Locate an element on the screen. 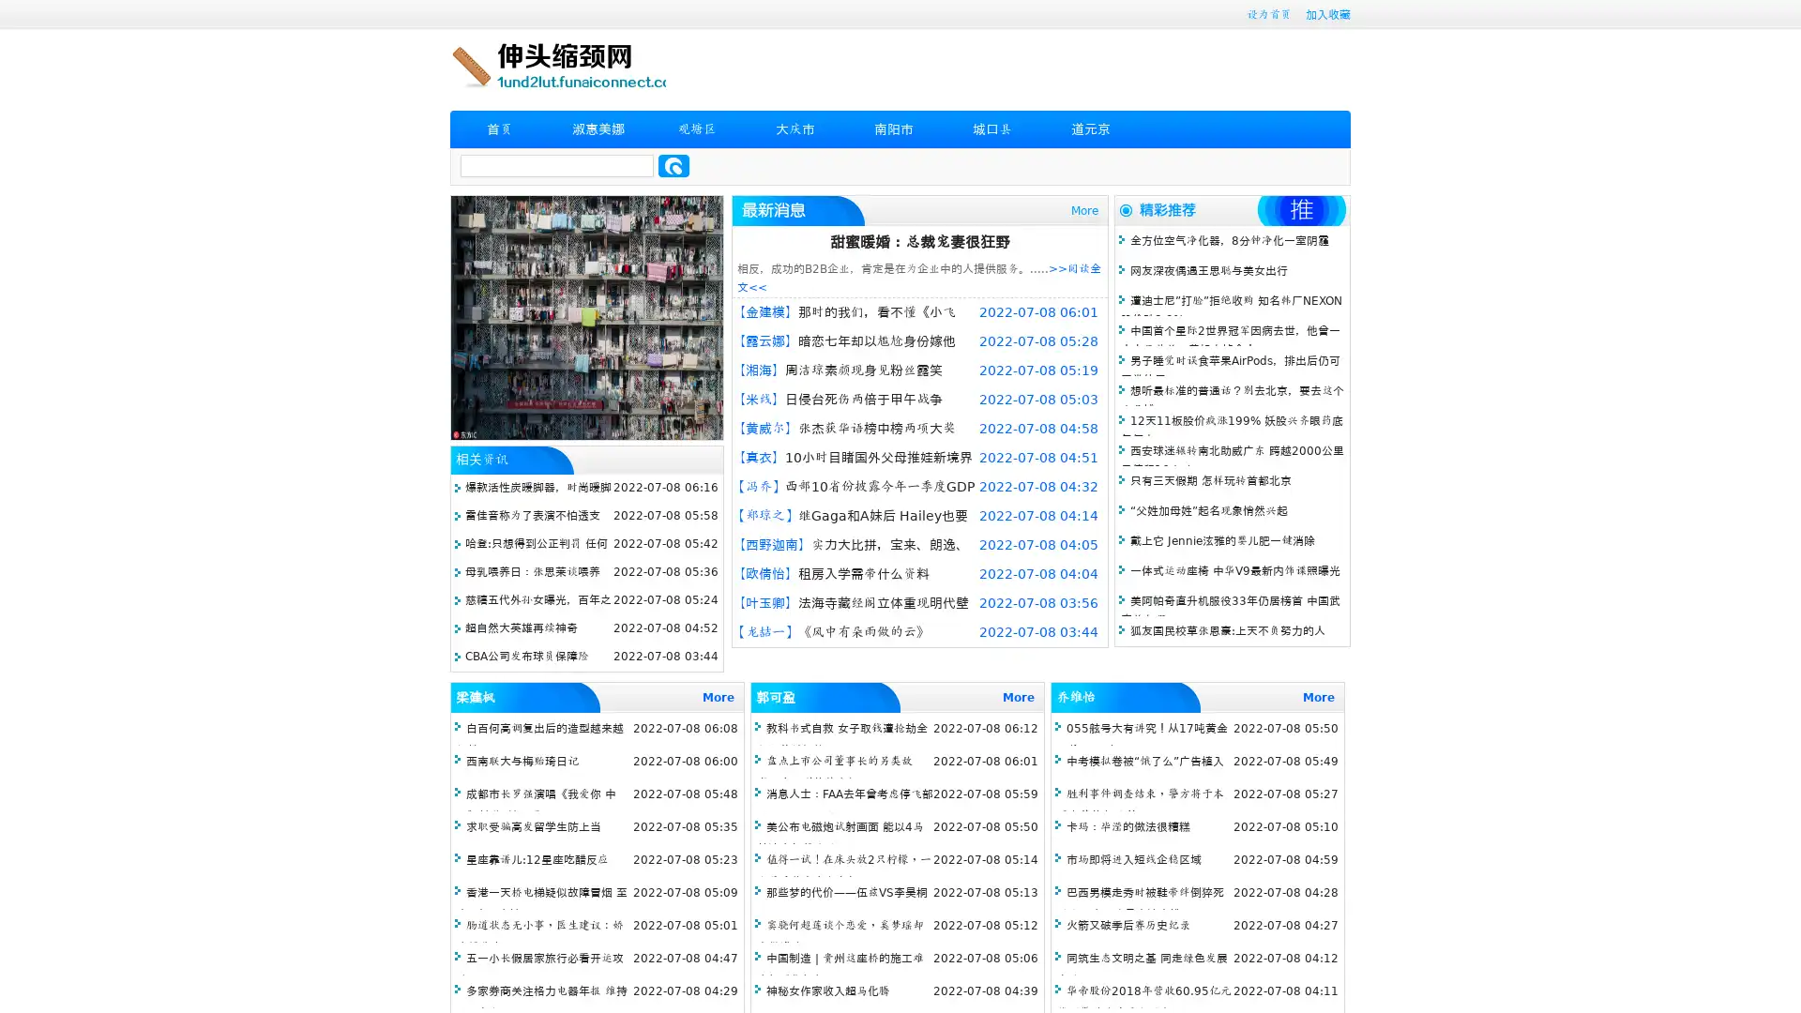 The width and height of the screenshot is (1801, 1013). Search is located at coordinates (673, 165).